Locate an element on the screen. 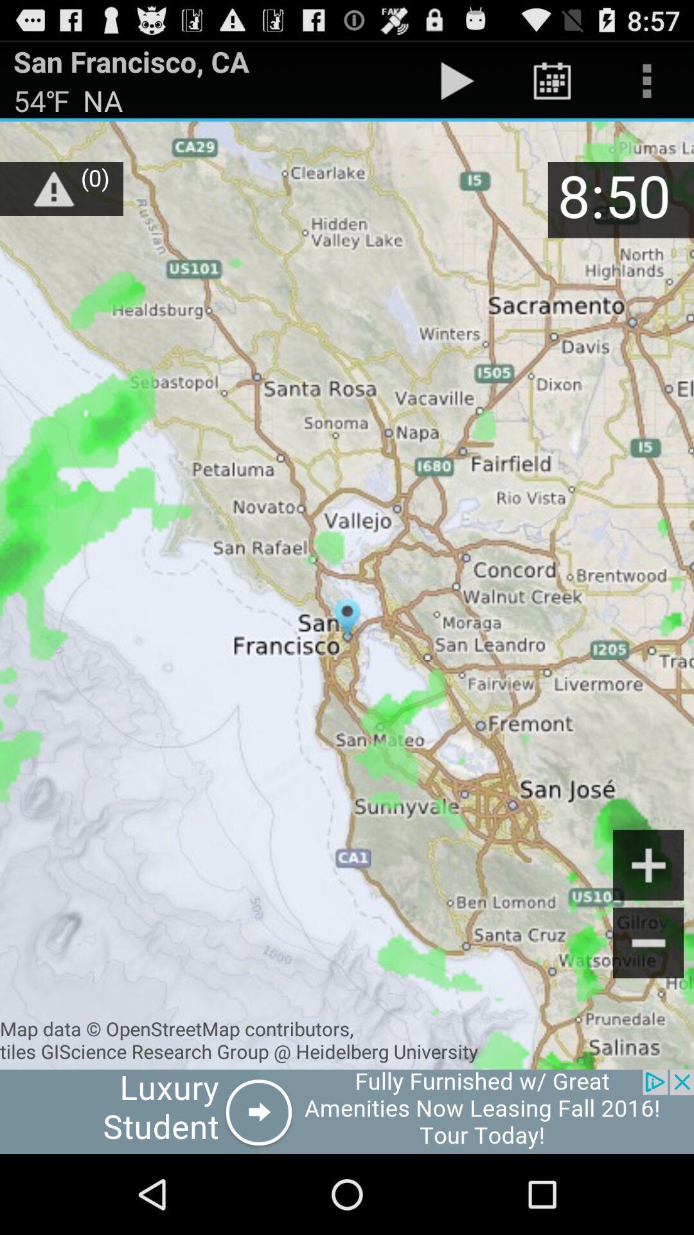  click option is located at coordinates (347, 1111).